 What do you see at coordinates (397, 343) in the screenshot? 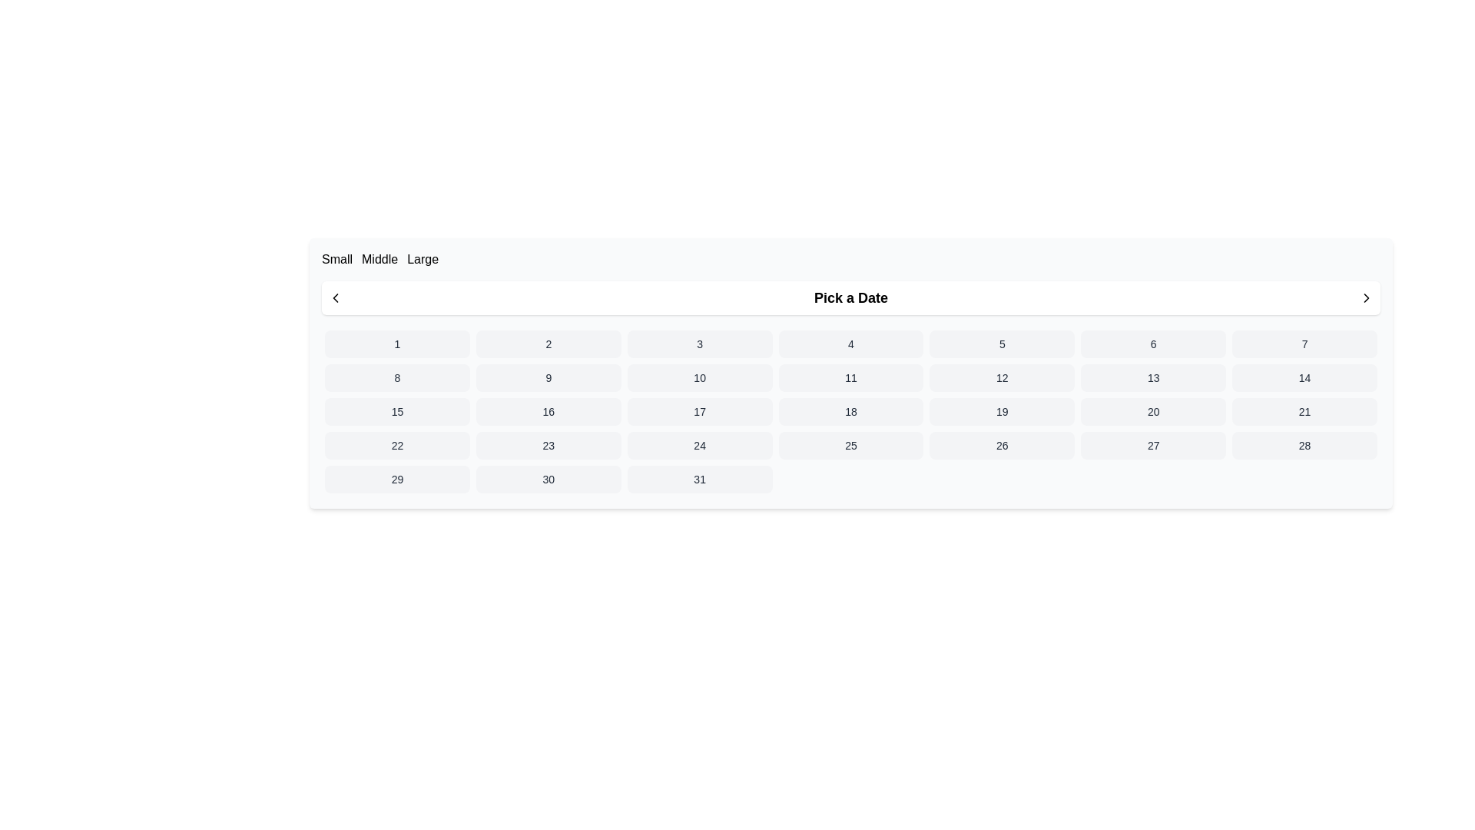
I see `the first button in the grid of numbers` at bounding box center [397, 343].